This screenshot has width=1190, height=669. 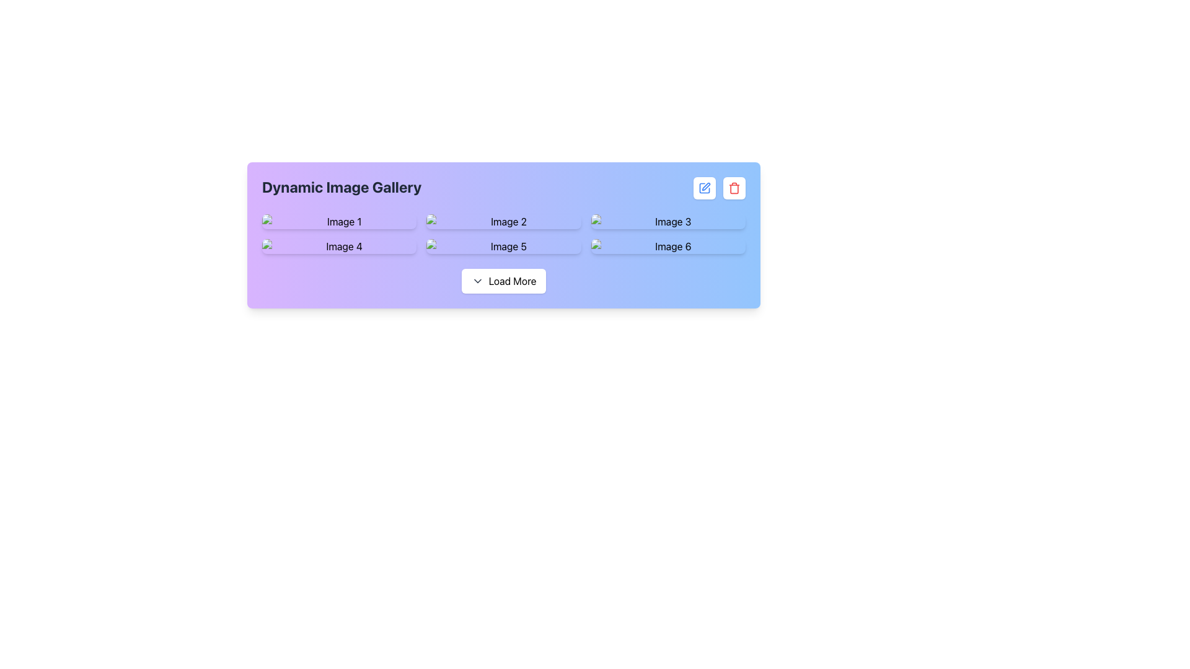 I want to click on the Image Preview with Label element that contains the image thumbnail and the label 'Image 2', so click(x=503, y=221).